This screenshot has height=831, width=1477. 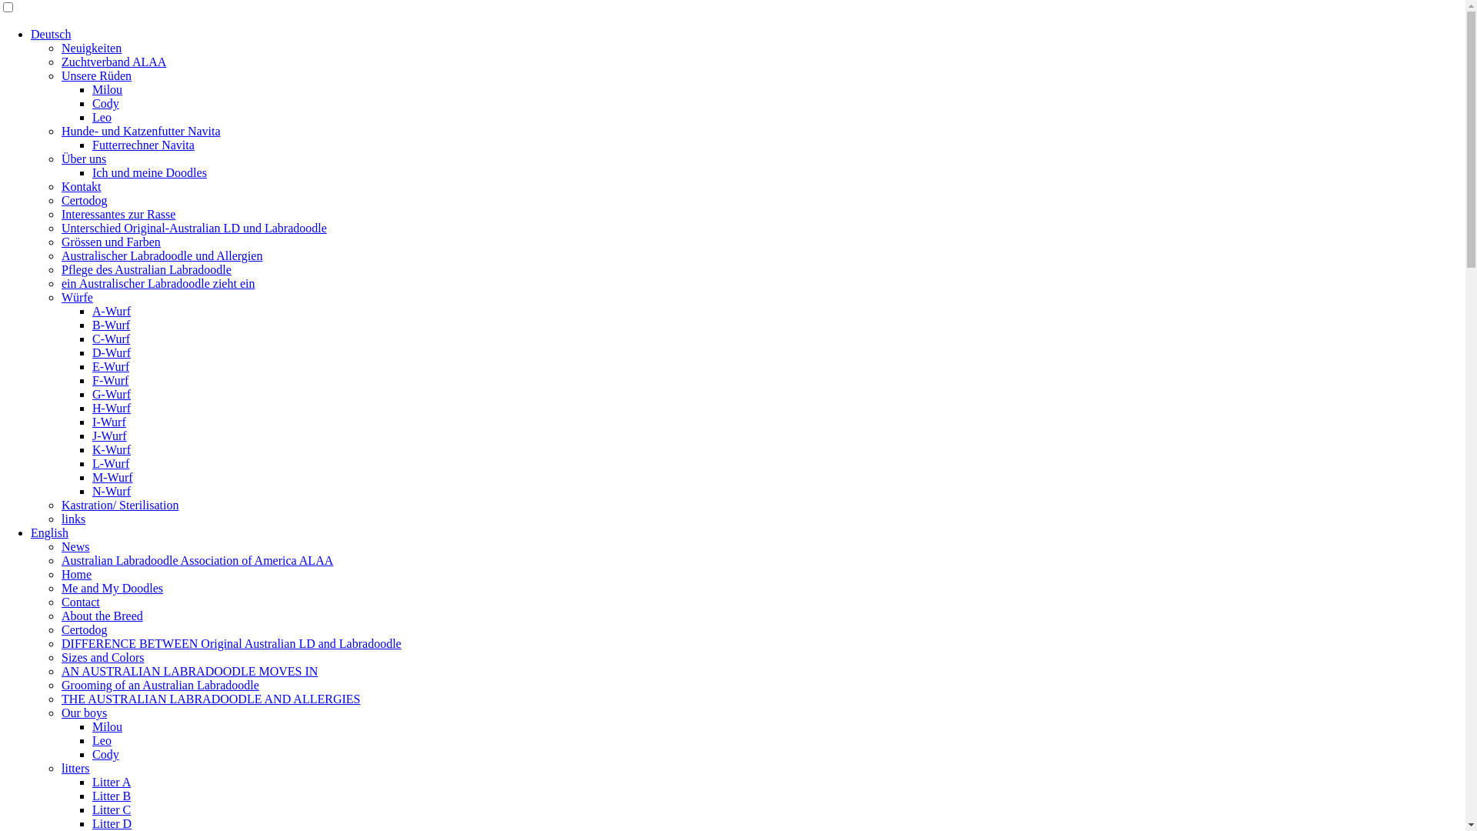 What do you see at coordinates (143, 145) in the screenshot?
I see `'Futterrechner Navita'` at bounding box center [143, 145].